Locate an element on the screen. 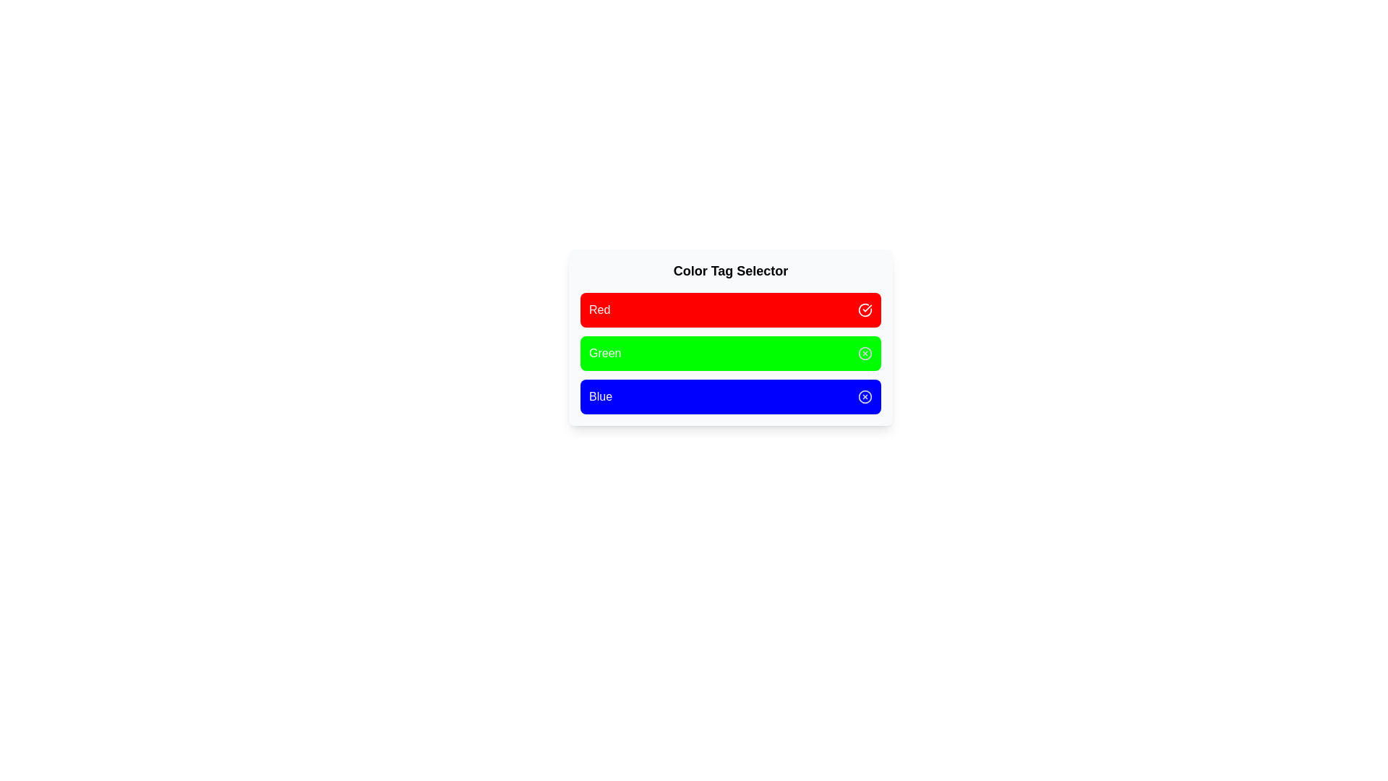 The width and height of the screenshot is (1388, 781). the color tag Blue is located at coordinates (731, 396).